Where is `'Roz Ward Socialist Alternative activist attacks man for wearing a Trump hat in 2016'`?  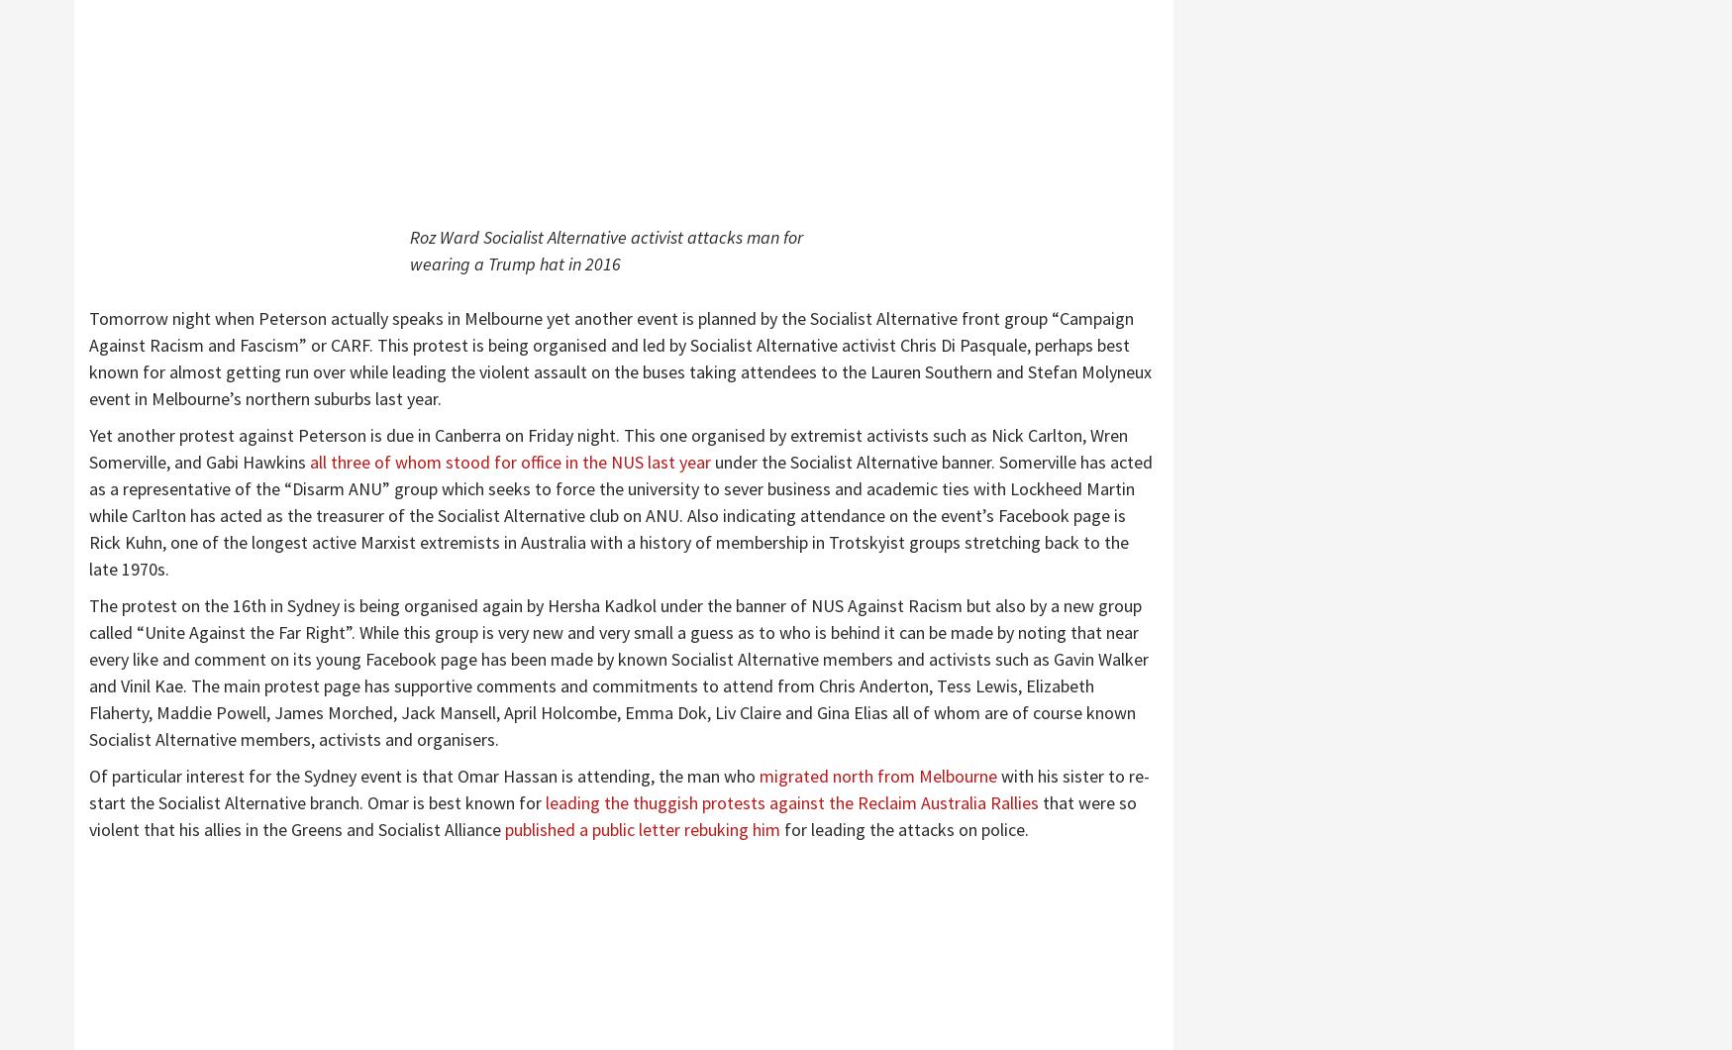 'Roz Ward Socialist Alternative activist attacks man for wearing a Trump hat in 2016' is located at coordinates (605, 250).